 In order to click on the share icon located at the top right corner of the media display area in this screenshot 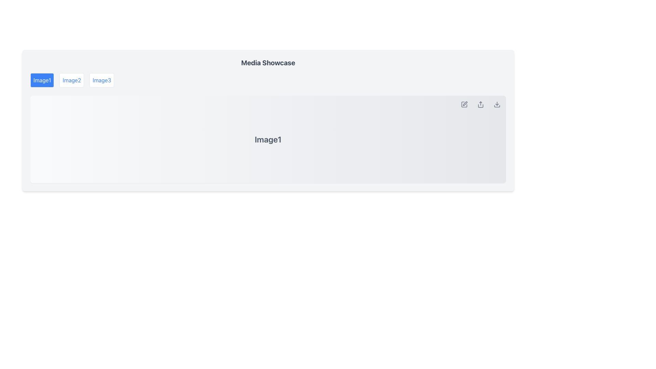, I will do `click(480, 104)`.